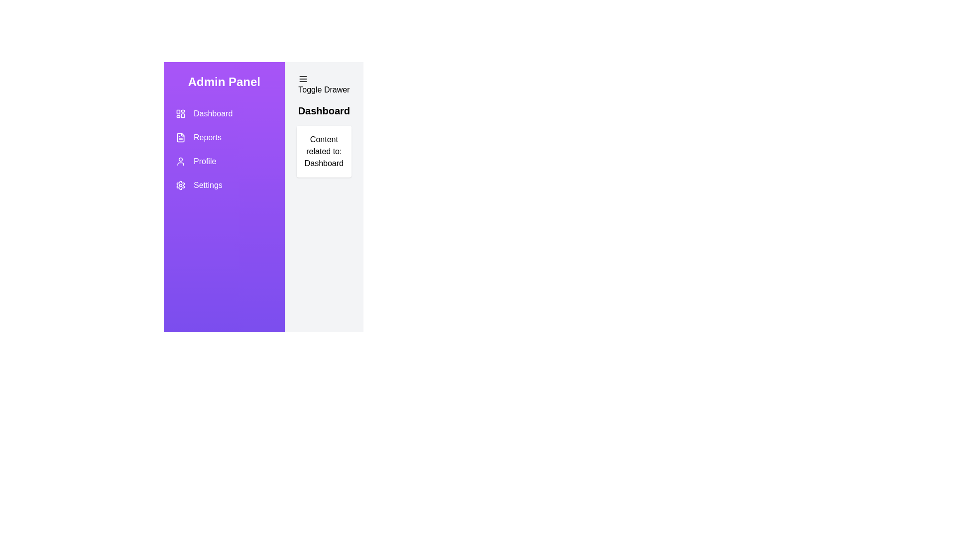  What do you see at coordinates (324, 84) in the screenshot?
I see `the 'Toggle Drawer' button to toggle the visibility of the navigation drawer` at bounding box center [324, 84].